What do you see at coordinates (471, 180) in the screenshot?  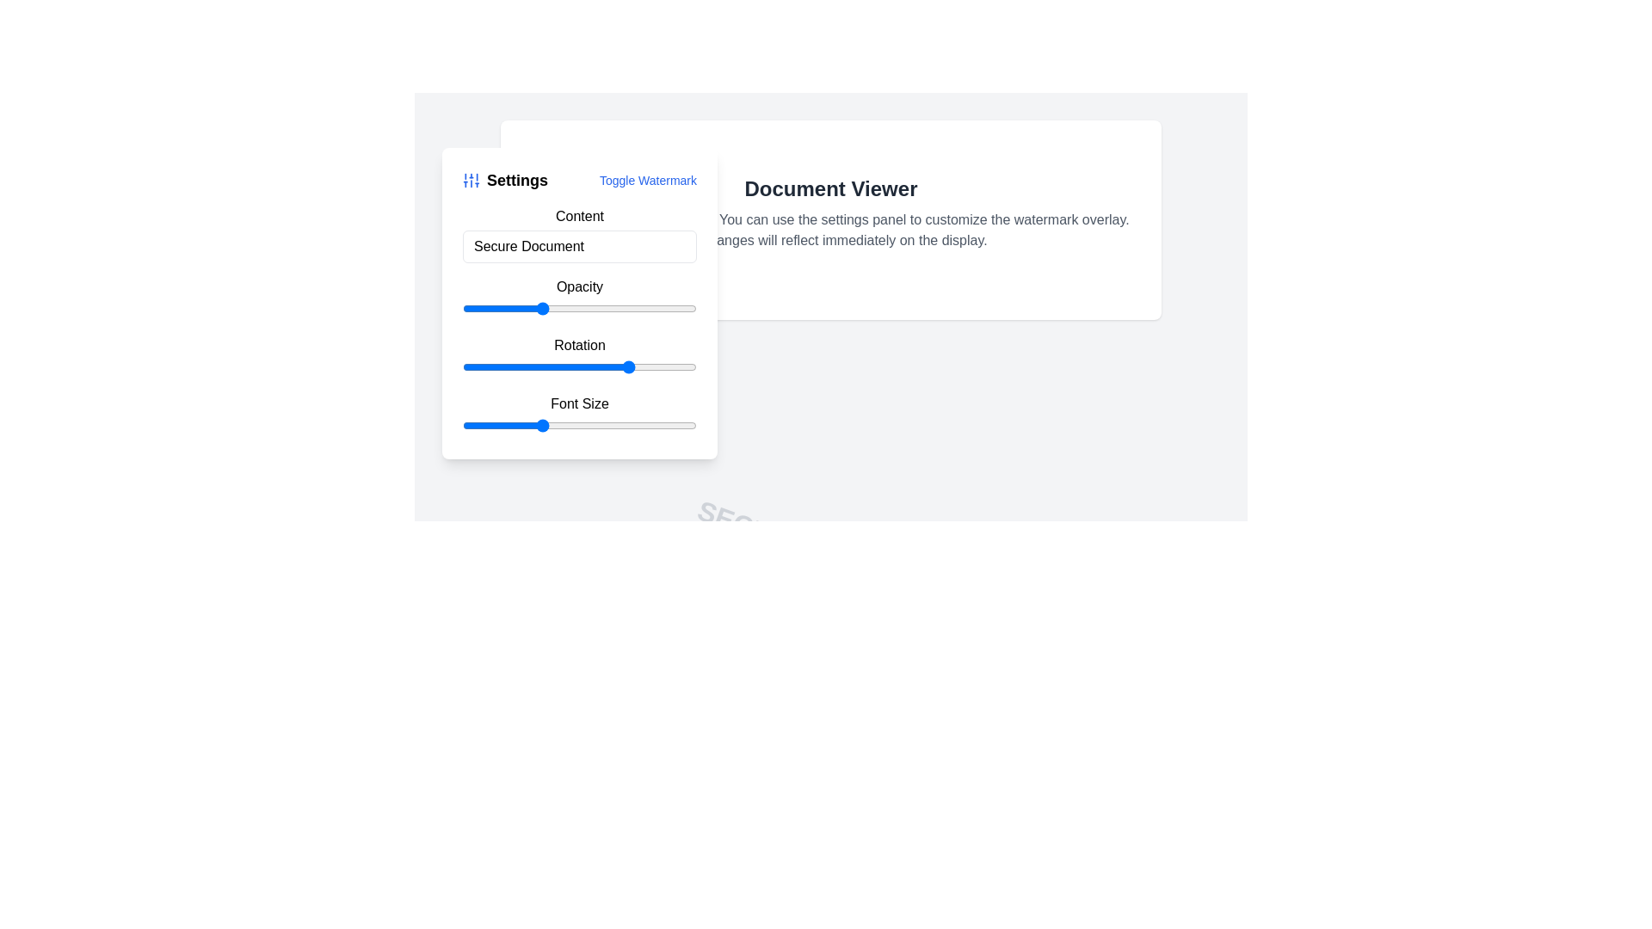 I see `the blue-themed icon consisting of three vertical sliders located in the top-left corner of the settings panel, next to the 'Settings' label` at bounding box center [471, 180].